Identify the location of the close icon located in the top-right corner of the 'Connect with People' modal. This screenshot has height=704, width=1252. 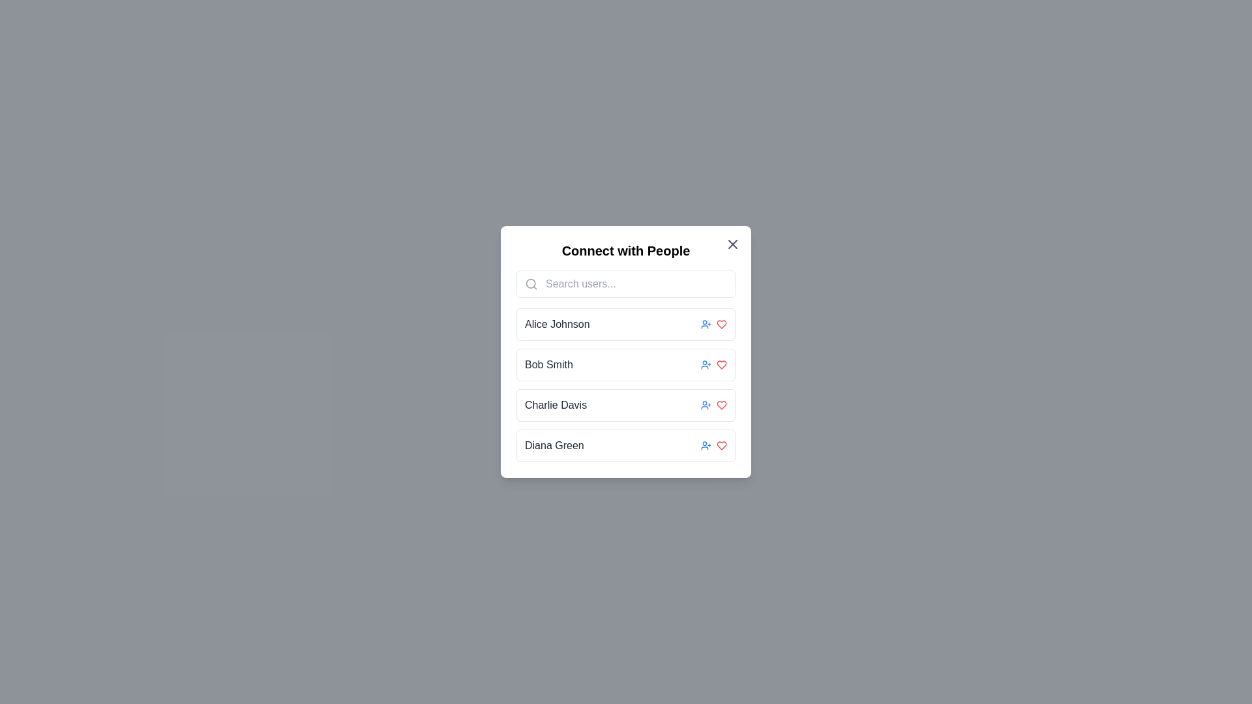
(732, 244).